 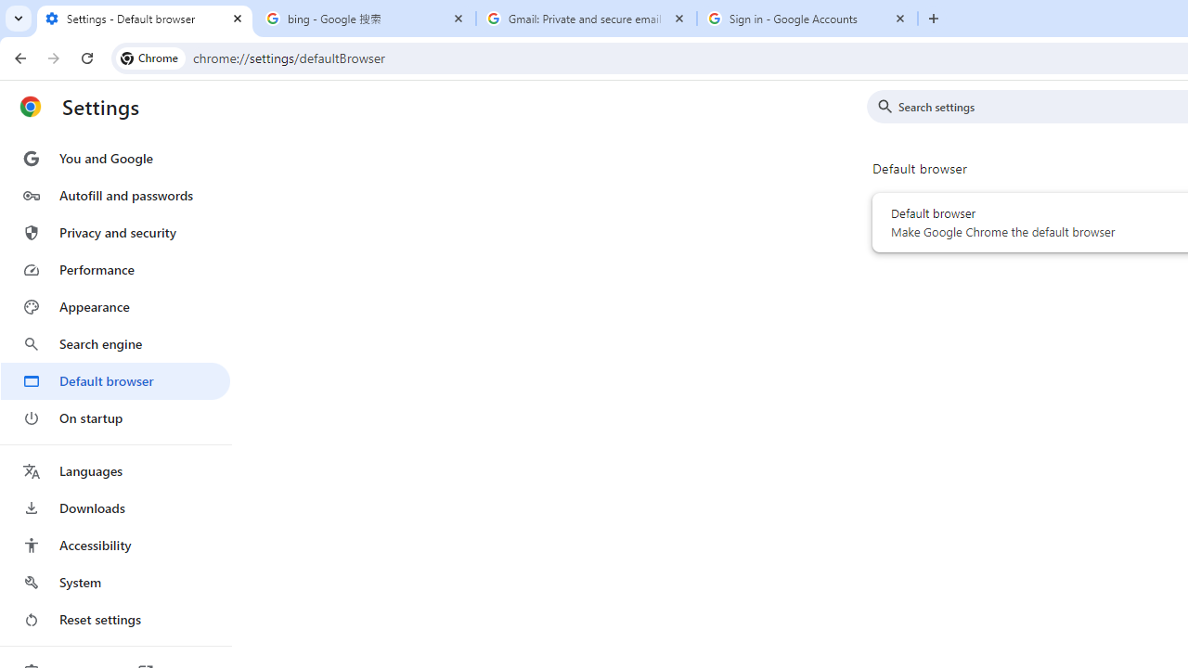 What do you see at coordinates (807, 19) in the screenshot?
I see `'Sign in - Google Accounts'` at bounding box center [807, 19].